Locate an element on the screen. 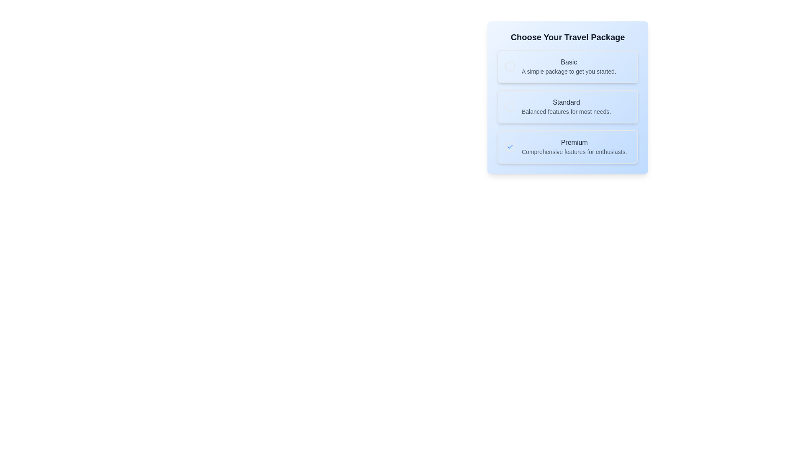 This screenshot has height=452, width=804. the non-interactive Text label that provides a descriptive explanation of the 'Basic' option, positioned centrally below the 'Basic' title is located at coordinates (569, 71).